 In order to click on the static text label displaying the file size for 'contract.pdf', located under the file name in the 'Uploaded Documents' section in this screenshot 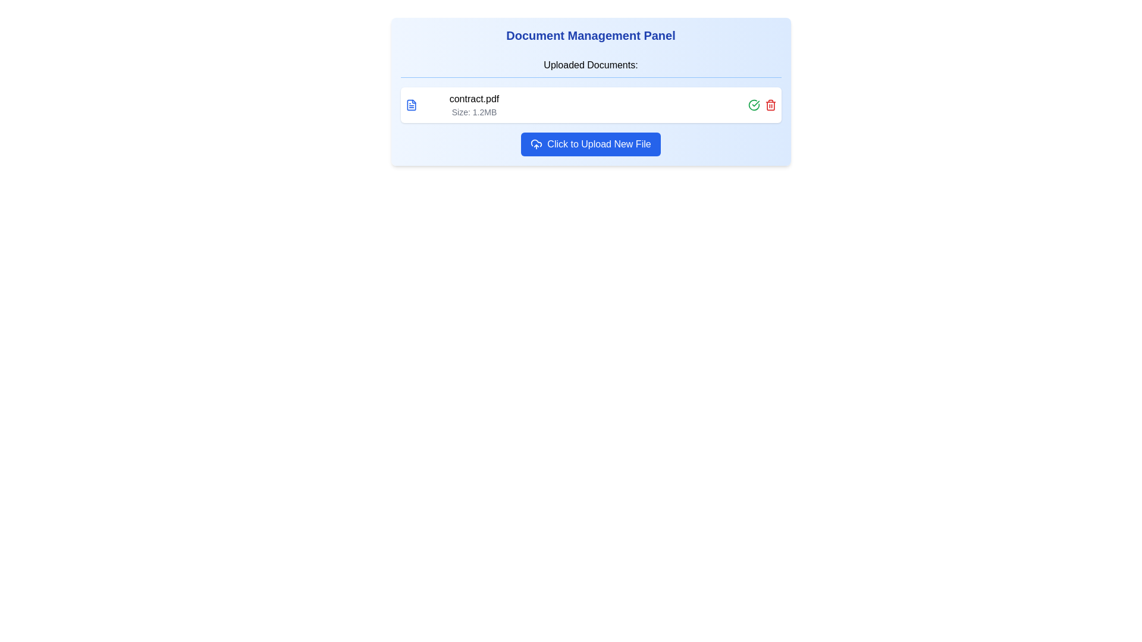, I will do `click(473, 112)`.